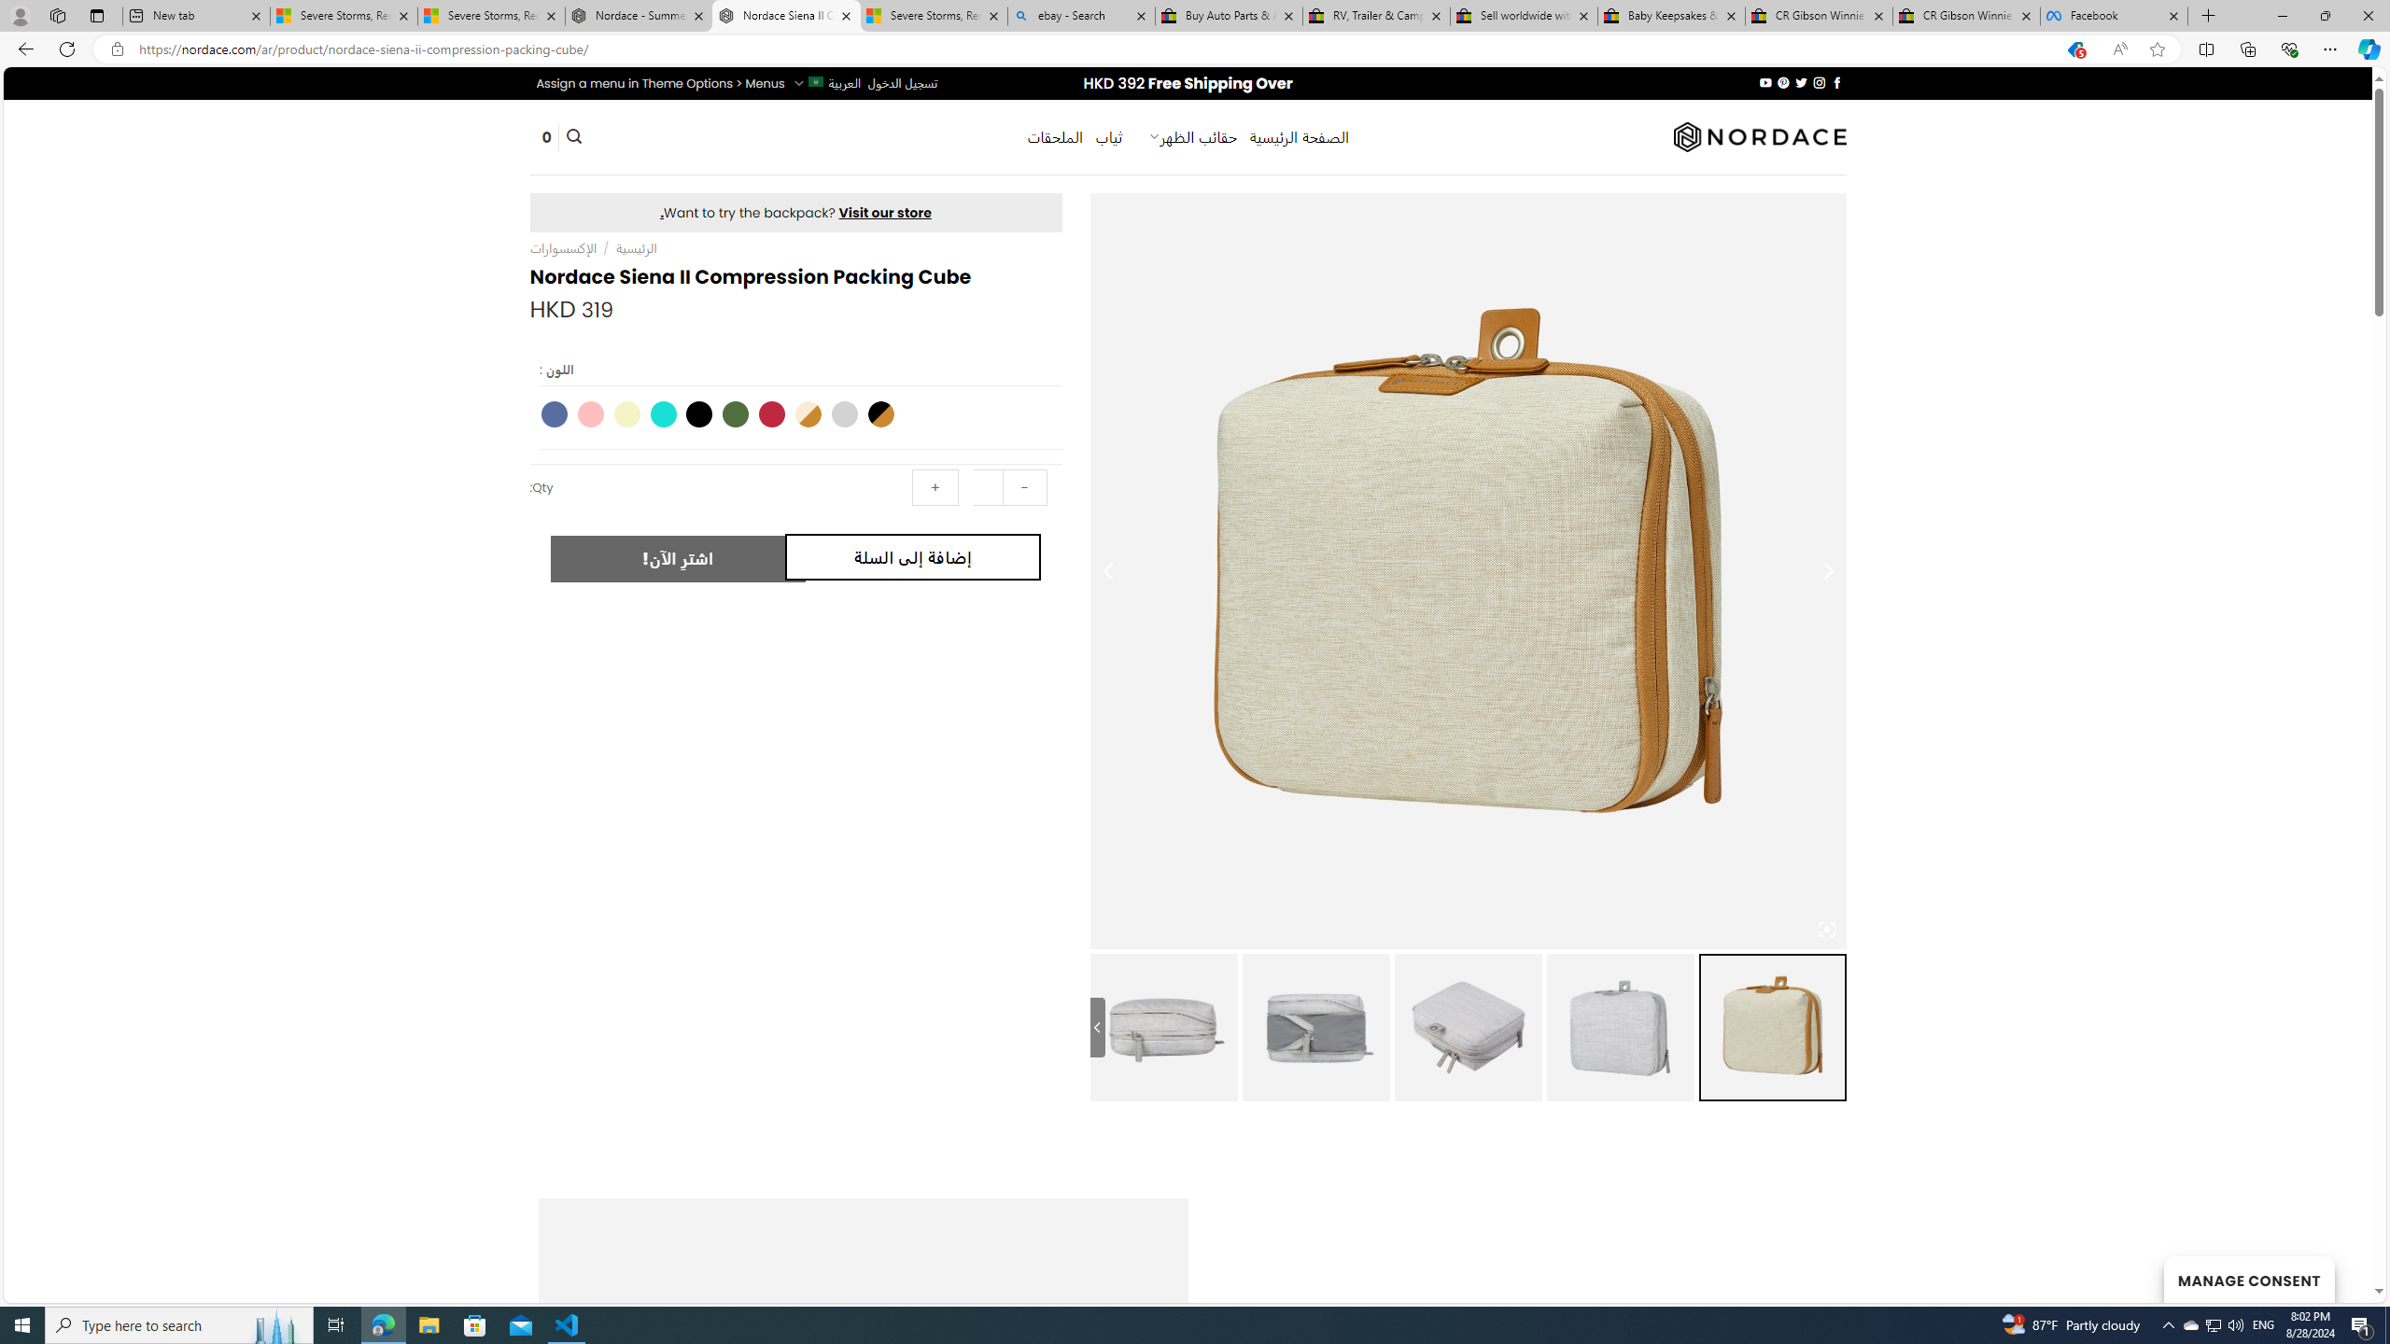 This screenshot has width=2390, height=1344. I want to click on 'Read aloud this page (Ctrl+Shift+U)', so click(2119, 49).